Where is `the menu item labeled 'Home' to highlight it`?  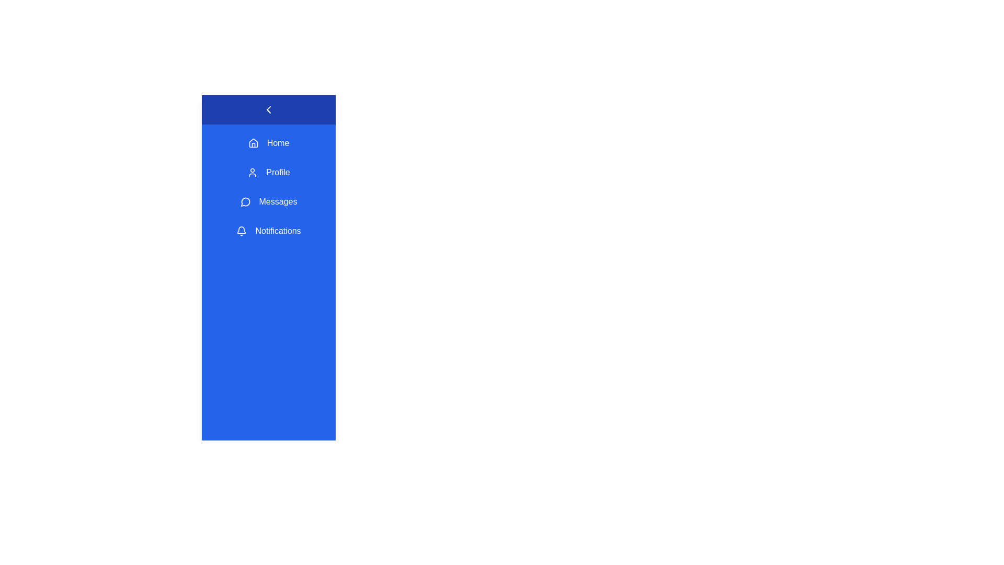
the menu item labeled 'Home' to highlight it is located at coordinates (268, 143).